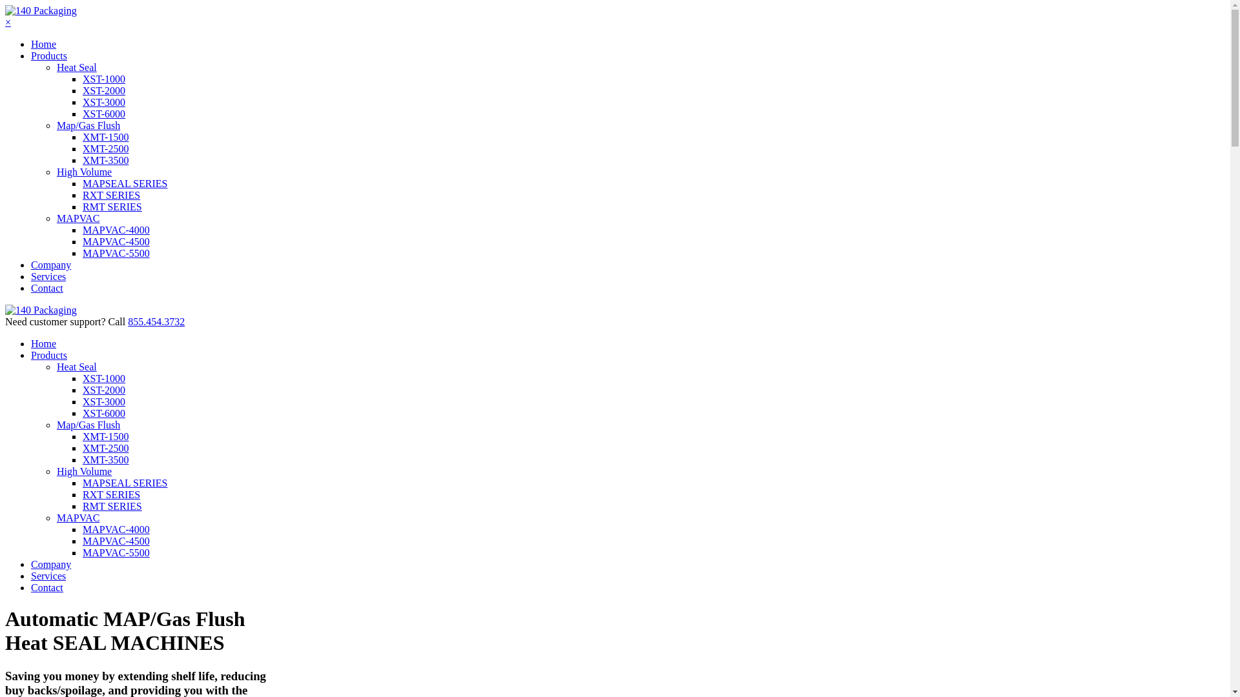 The height and width of the screenshot is (697, 1240). What do you see at coordinates (155, 321) in the screenshot?
I see `'855.454.3732'` at bounding box center [155, 321].